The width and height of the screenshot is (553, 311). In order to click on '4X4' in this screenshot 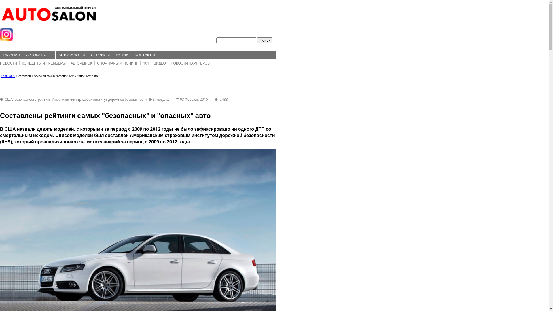, I will do `click(146, 63)`.